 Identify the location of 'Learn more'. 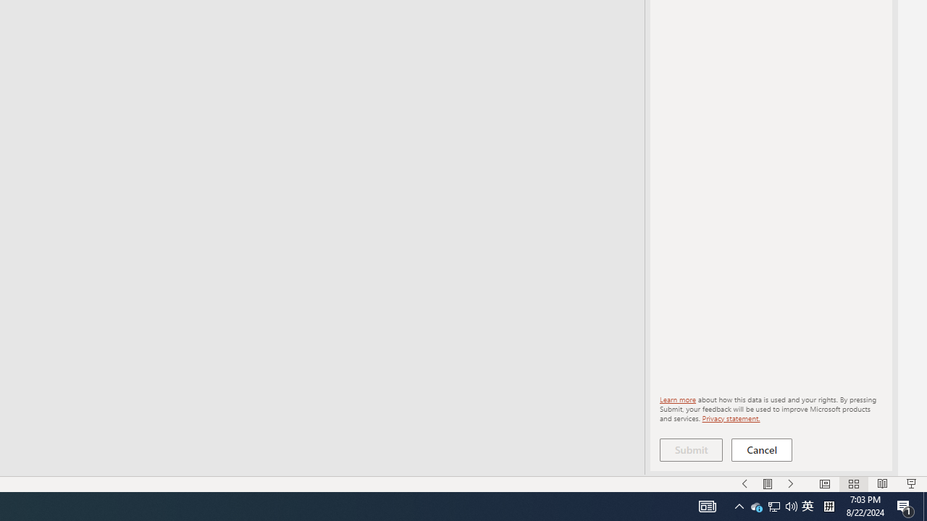
(677, 399).